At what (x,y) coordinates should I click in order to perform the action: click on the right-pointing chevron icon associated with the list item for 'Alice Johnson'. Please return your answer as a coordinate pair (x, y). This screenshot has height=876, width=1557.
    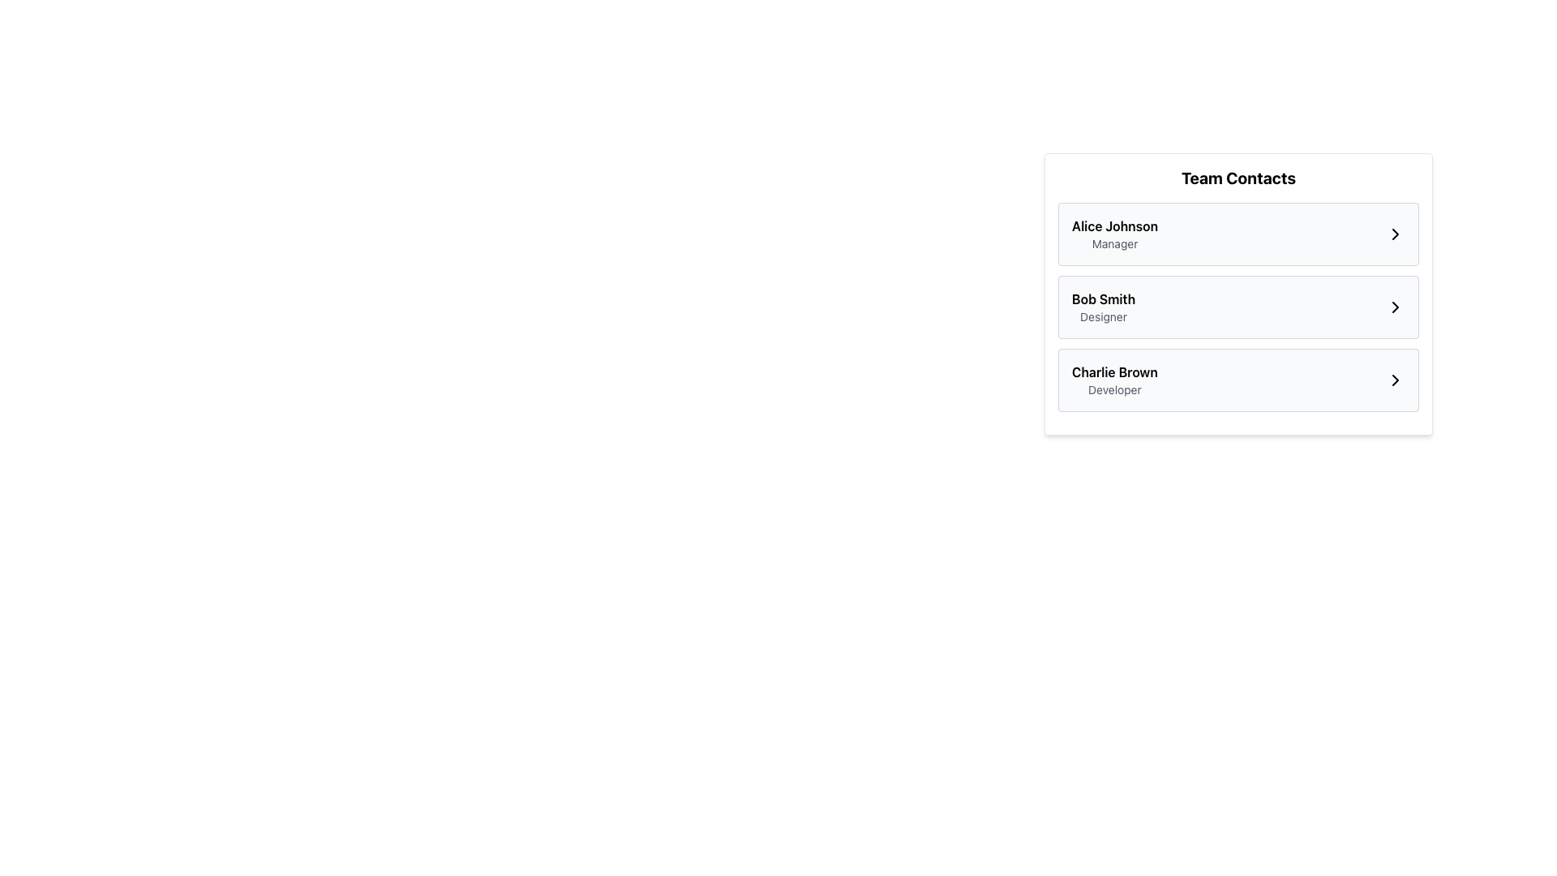
    Looking at the image, I should click on (1395, 234).